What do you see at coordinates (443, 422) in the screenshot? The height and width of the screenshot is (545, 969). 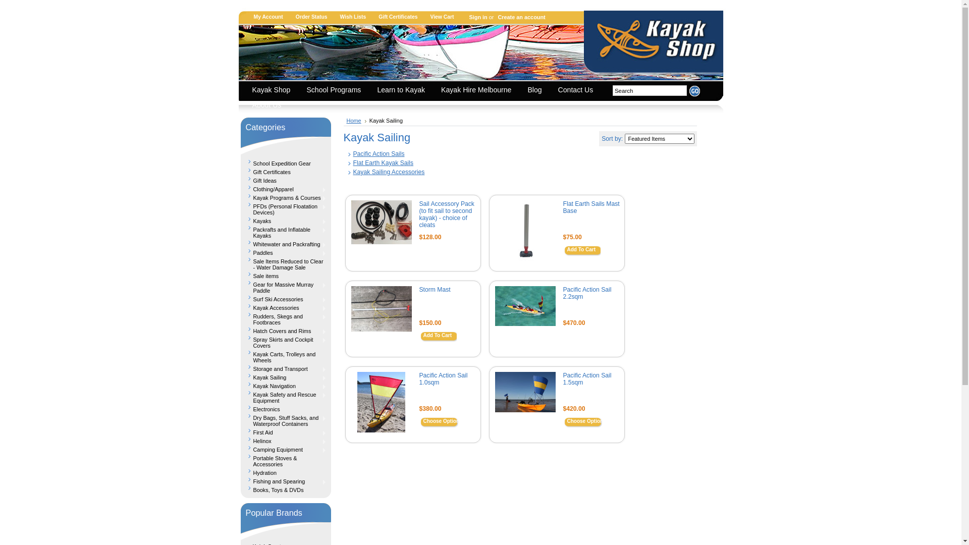 I see `'Choose Options'` at bounding box center [443, 422].